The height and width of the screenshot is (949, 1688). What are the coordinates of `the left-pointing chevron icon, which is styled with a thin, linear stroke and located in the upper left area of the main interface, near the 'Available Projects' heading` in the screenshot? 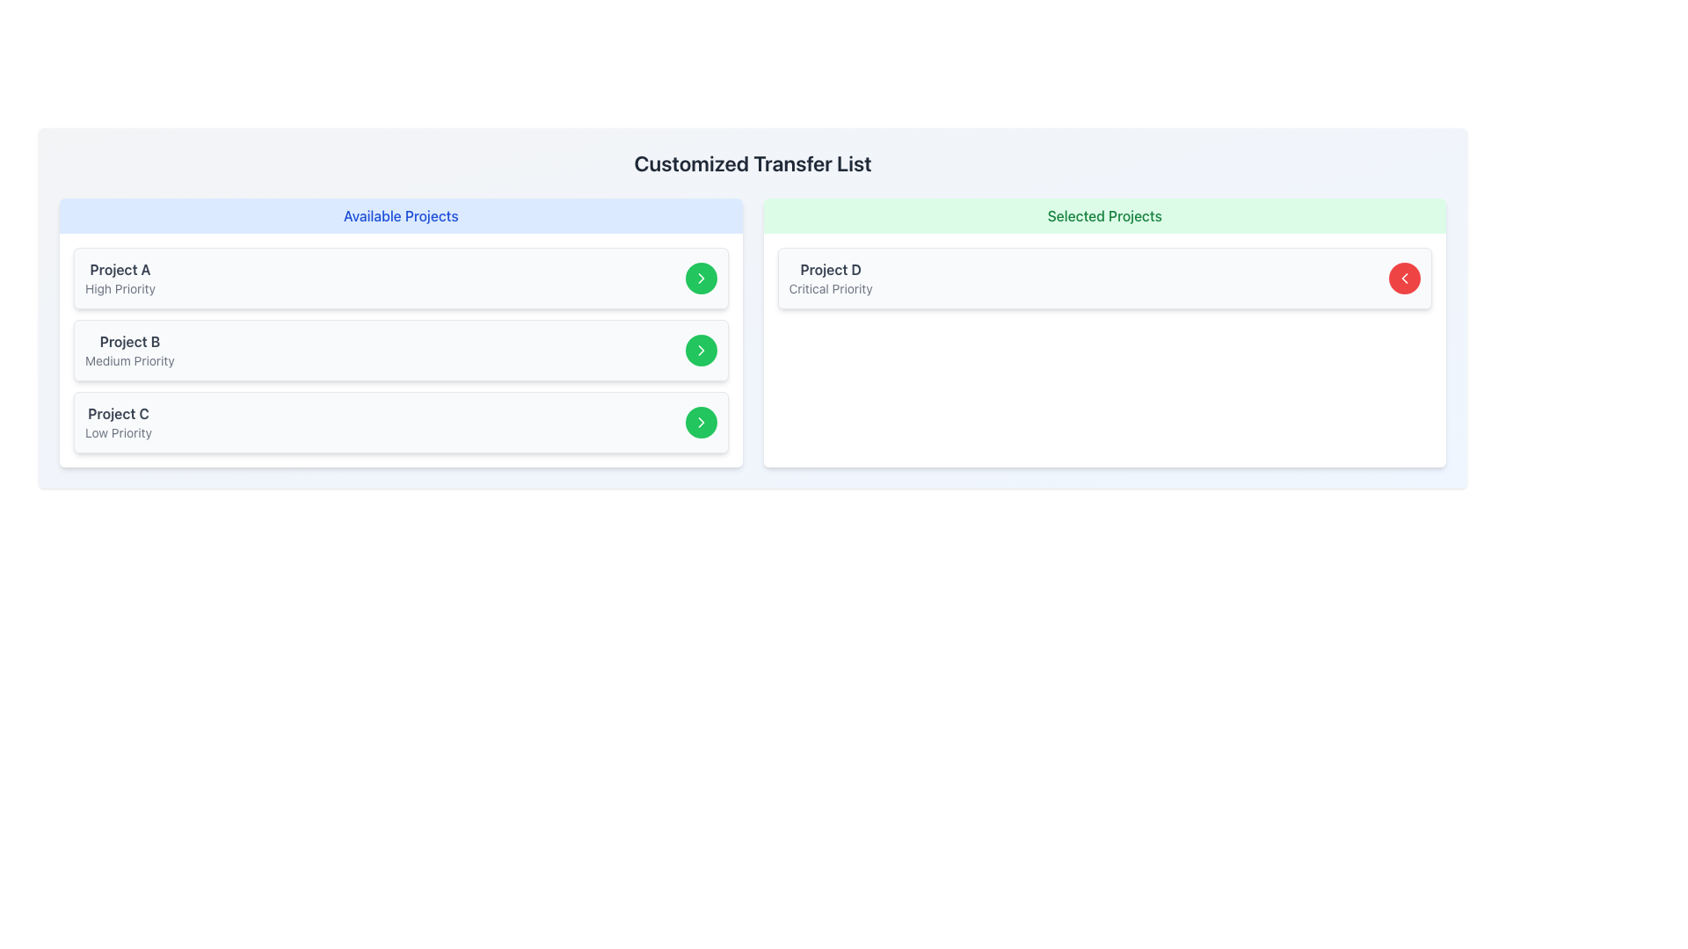 It's located at (1404, 277).